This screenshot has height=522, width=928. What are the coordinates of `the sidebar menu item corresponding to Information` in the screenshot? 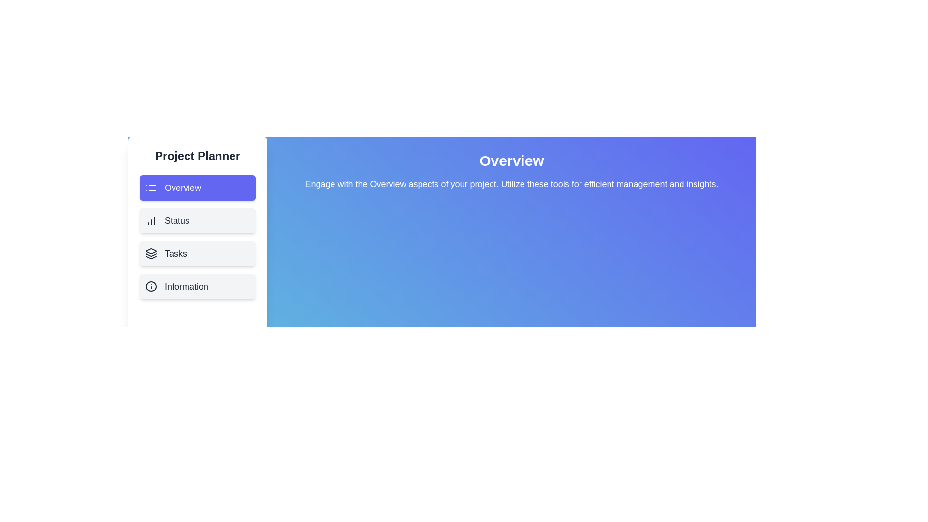 It's located at (197, 286).